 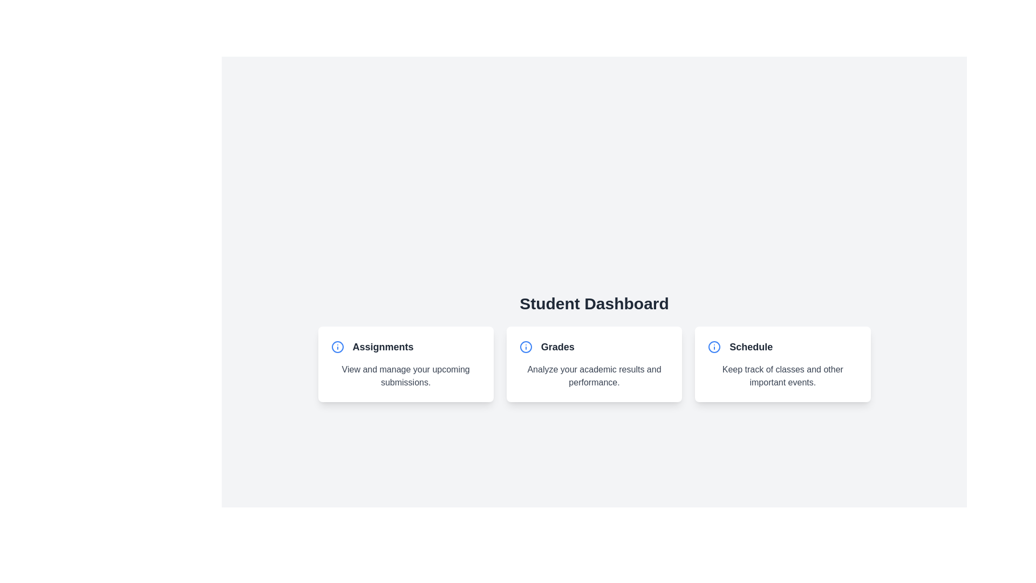 What do you see at coordinates (714, 347) in the screenshot?
I see `the small blue circular icon with a white background and a blue outline featuring a white letter 'i' symbol, located to the left of the 'Schedule' title in the 'Schedule' section` at bounding box center [714, 347].